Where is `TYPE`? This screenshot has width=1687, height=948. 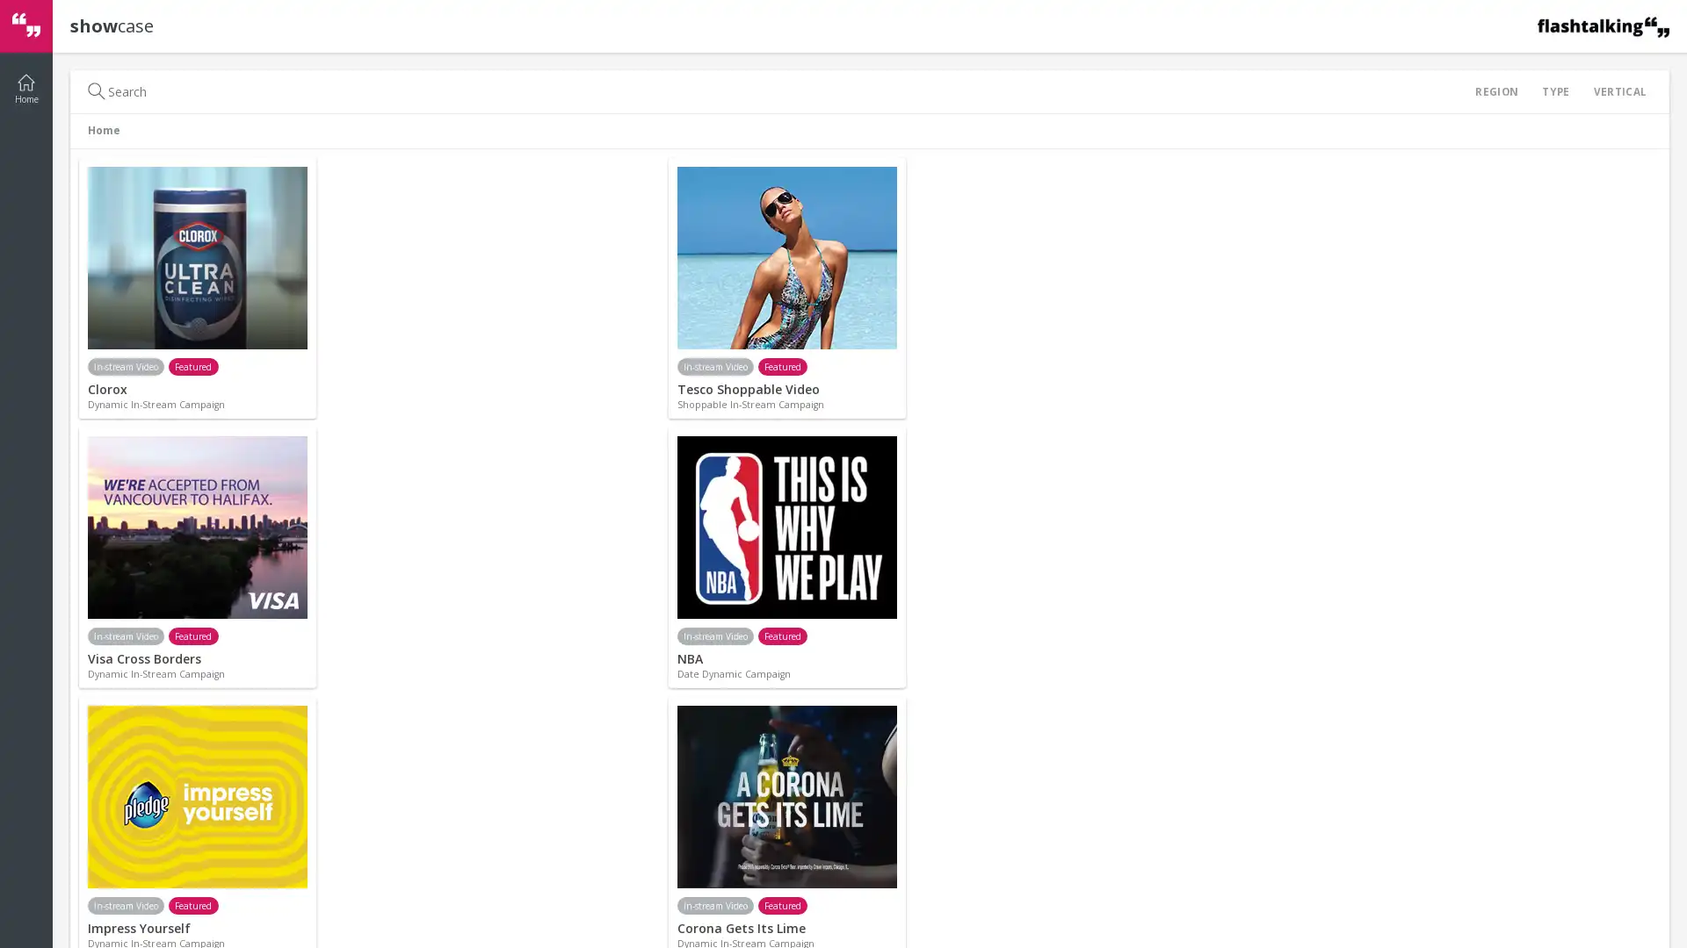
TYPE is located at coordinates (1555, 91).